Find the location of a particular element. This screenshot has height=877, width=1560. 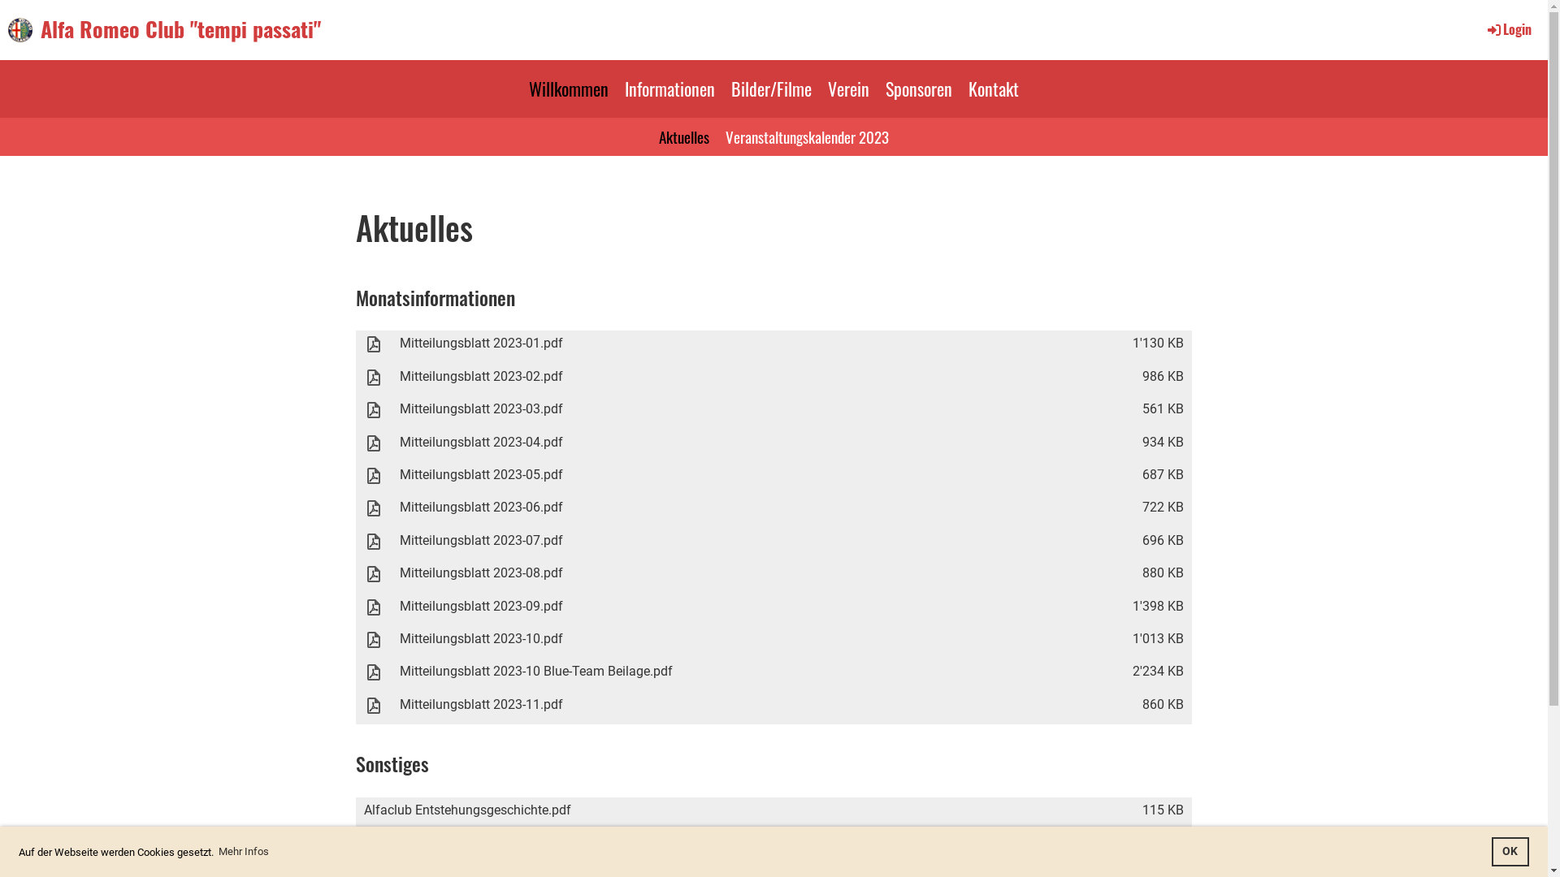

'Sponsoren' is located at coordinates (919, 89).